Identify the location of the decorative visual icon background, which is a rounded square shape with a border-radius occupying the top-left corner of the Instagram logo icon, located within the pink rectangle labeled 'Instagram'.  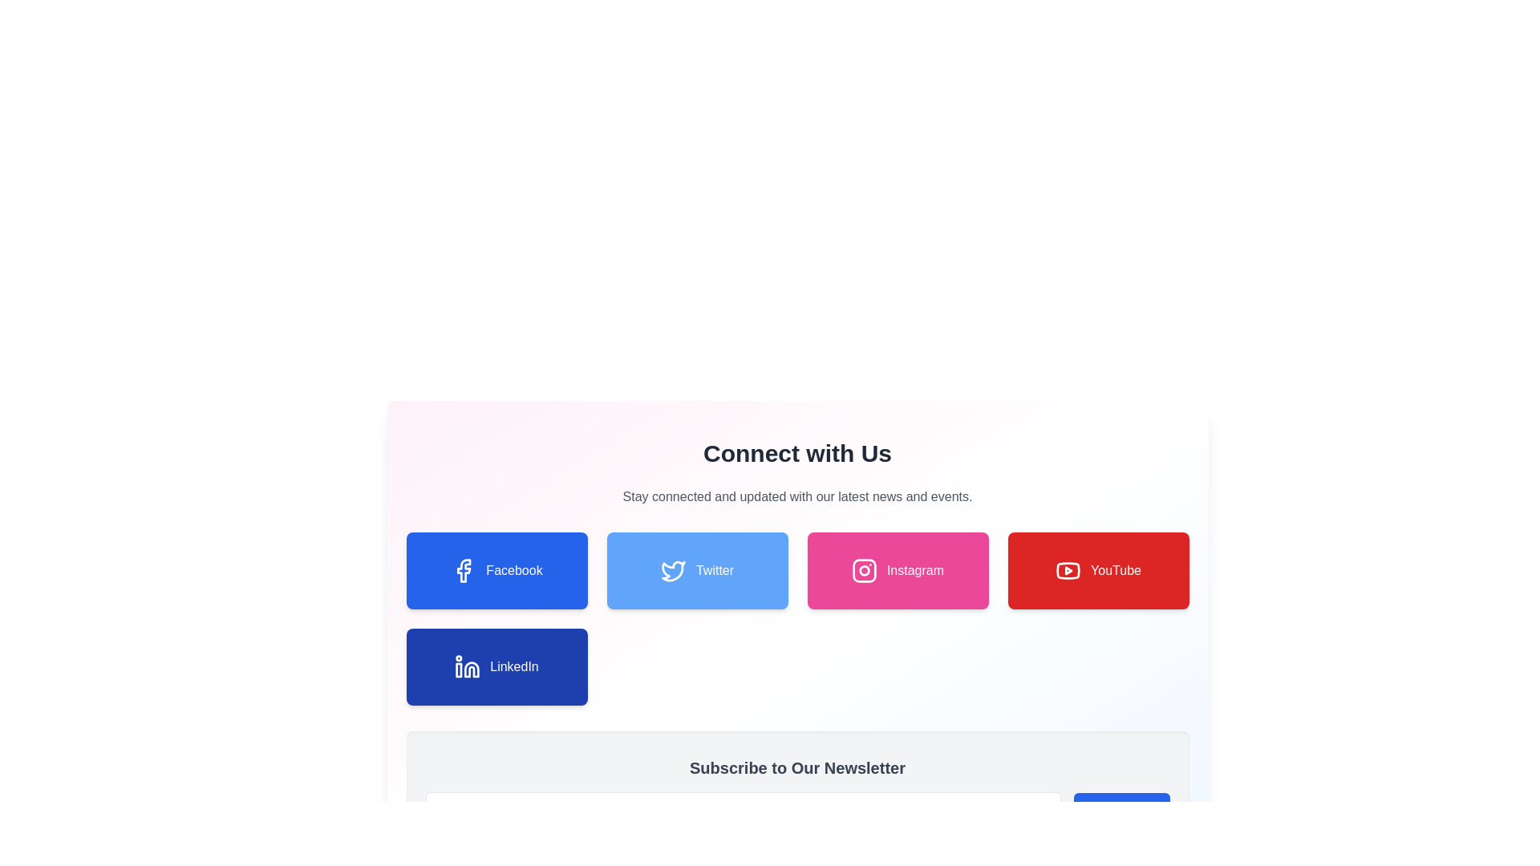
(863, 570).